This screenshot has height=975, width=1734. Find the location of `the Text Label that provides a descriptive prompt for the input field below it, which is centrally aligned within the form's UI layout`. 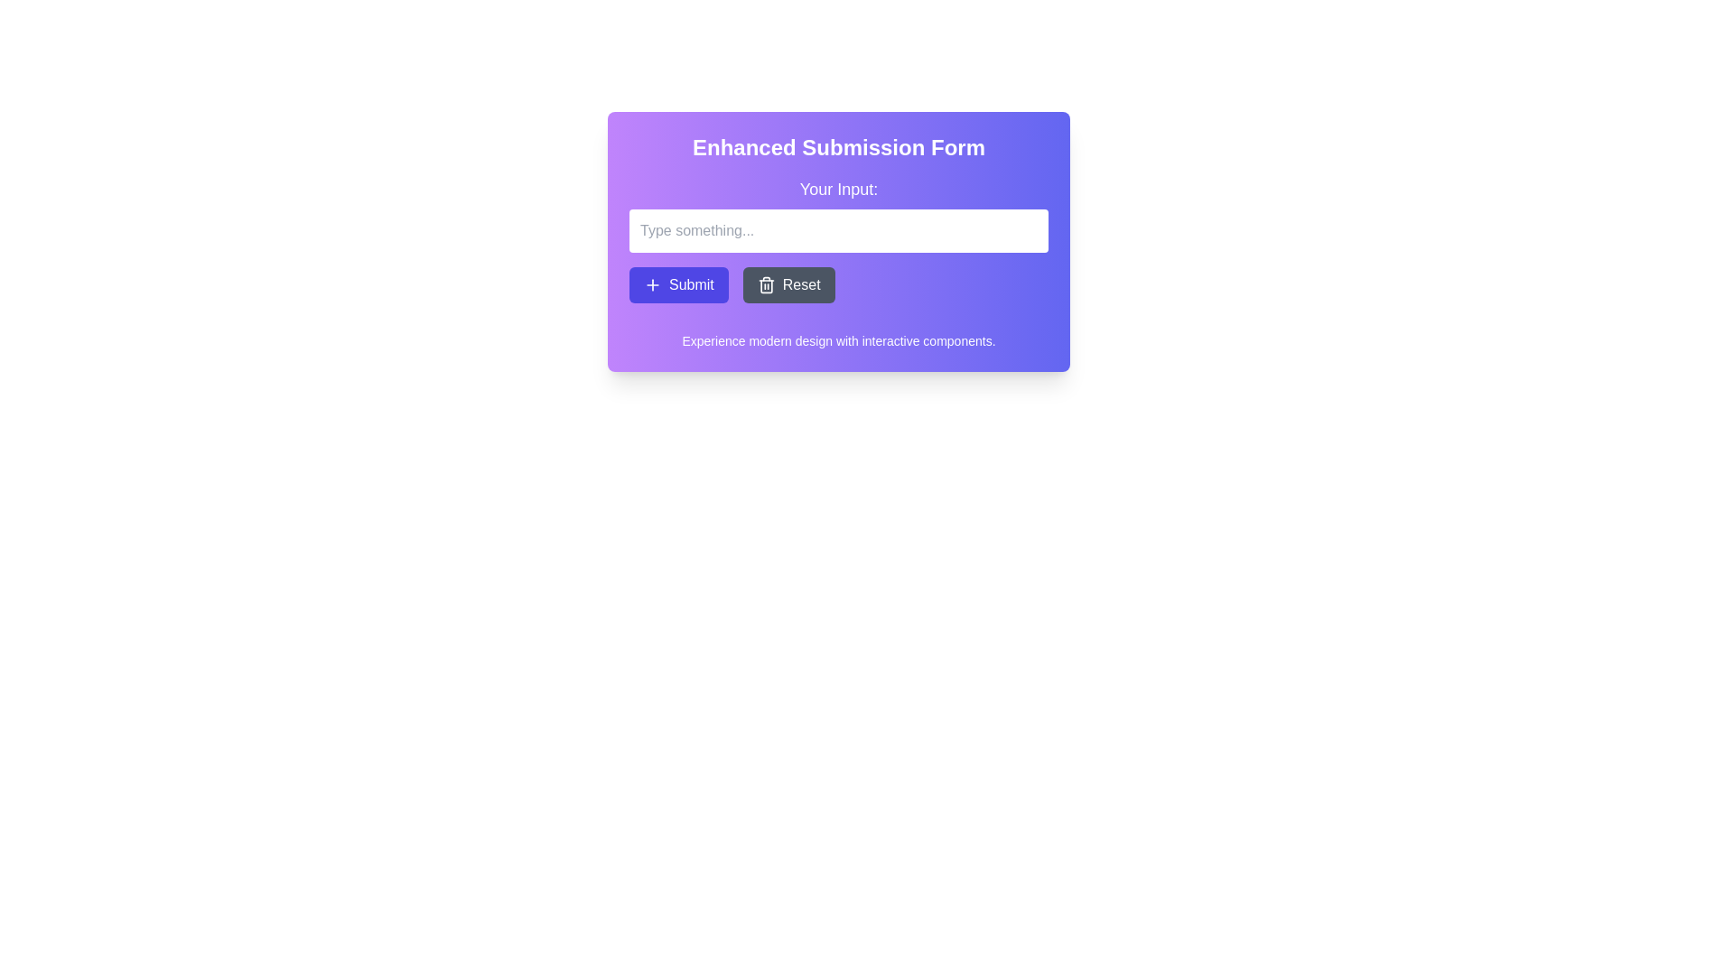

the Text Label that provides a descriptive prompt for the input field below it, which is centrally aligned within the form's UI layout is located at coordinates (838, 189).